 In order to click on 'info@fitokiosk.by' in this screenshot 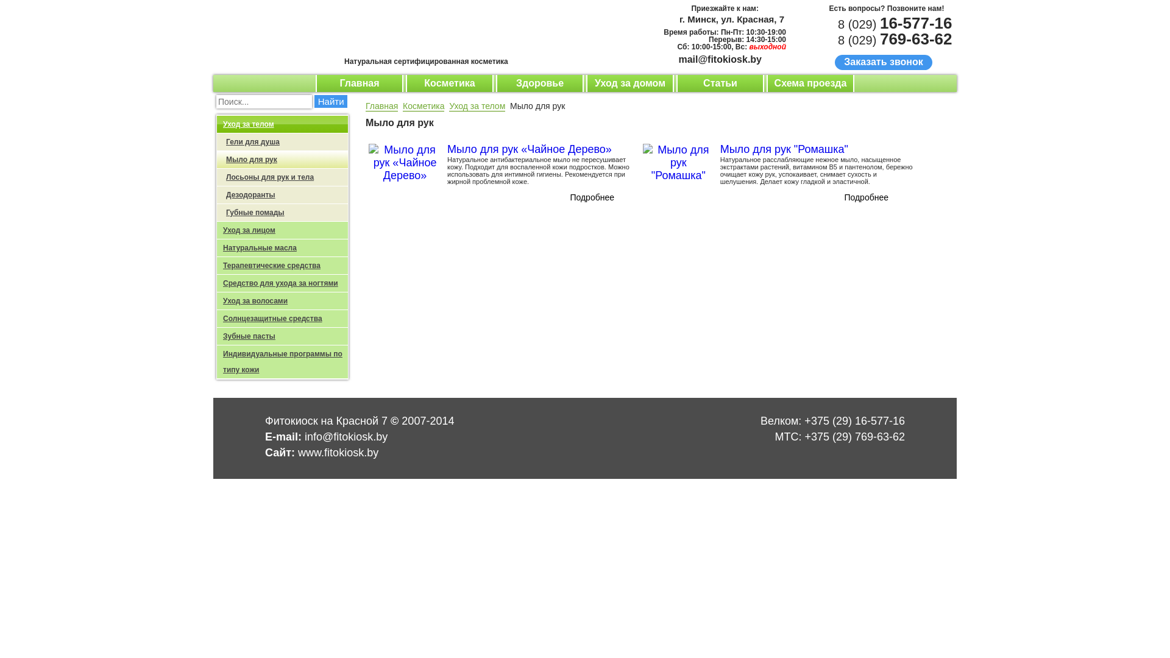, I will do `click(304, 436)`.